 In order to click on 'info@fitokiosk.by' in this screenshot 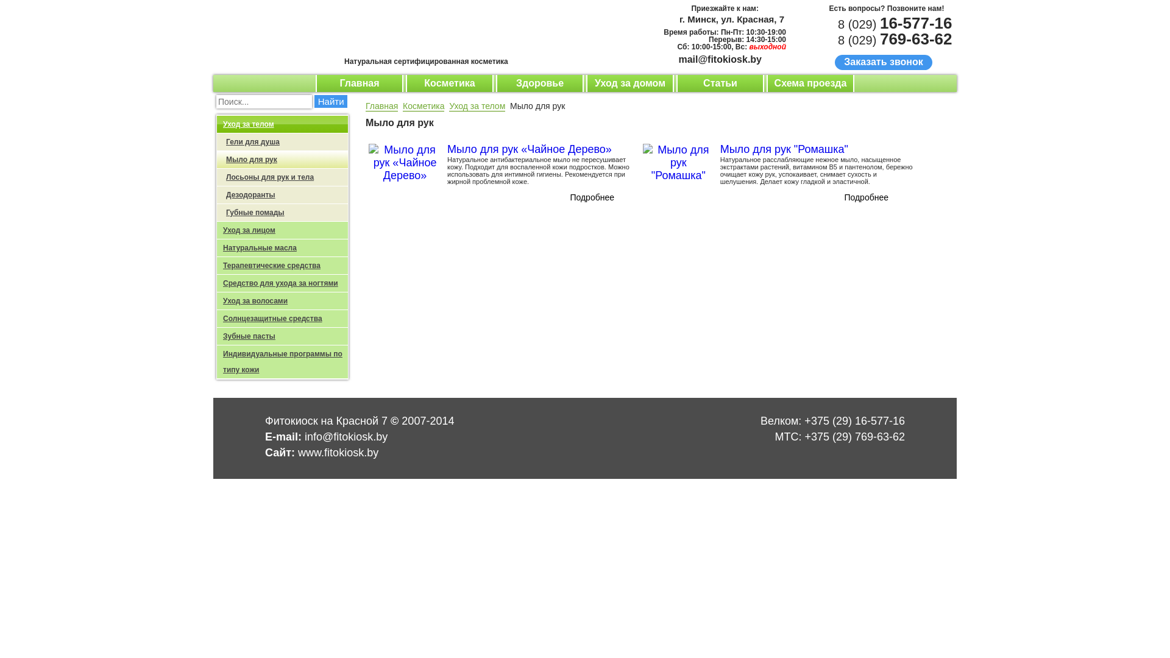, I will do `click(304, 436)`.